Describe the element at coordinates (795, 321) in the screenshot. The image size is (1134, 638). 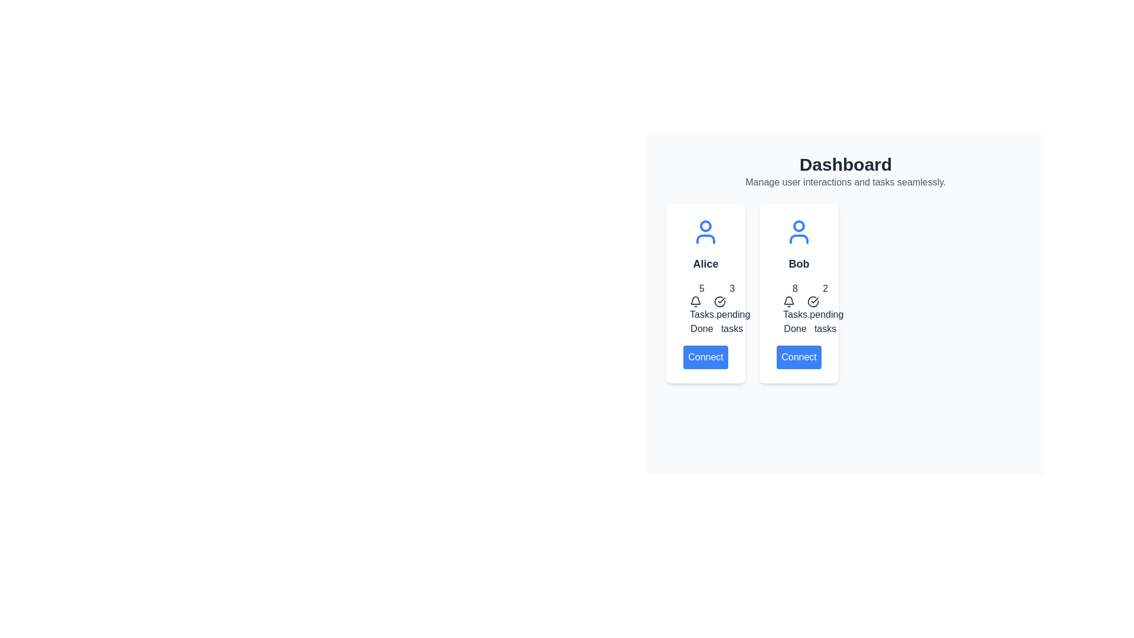
I see `properties of the 'Tasks Done' label text located in the second card titled 'Bob', which is positioned below an icon and the number '8', and above 'pending tasks'` at that location.